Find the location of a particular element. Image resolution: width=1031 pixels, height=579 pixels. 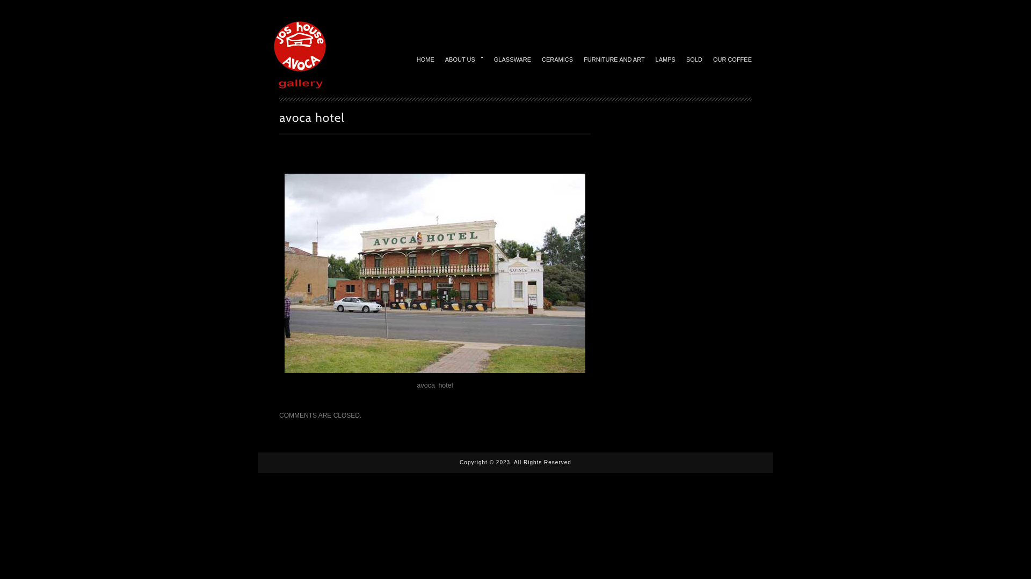

'GLASSWARE' is located at coordinates (488, 58).